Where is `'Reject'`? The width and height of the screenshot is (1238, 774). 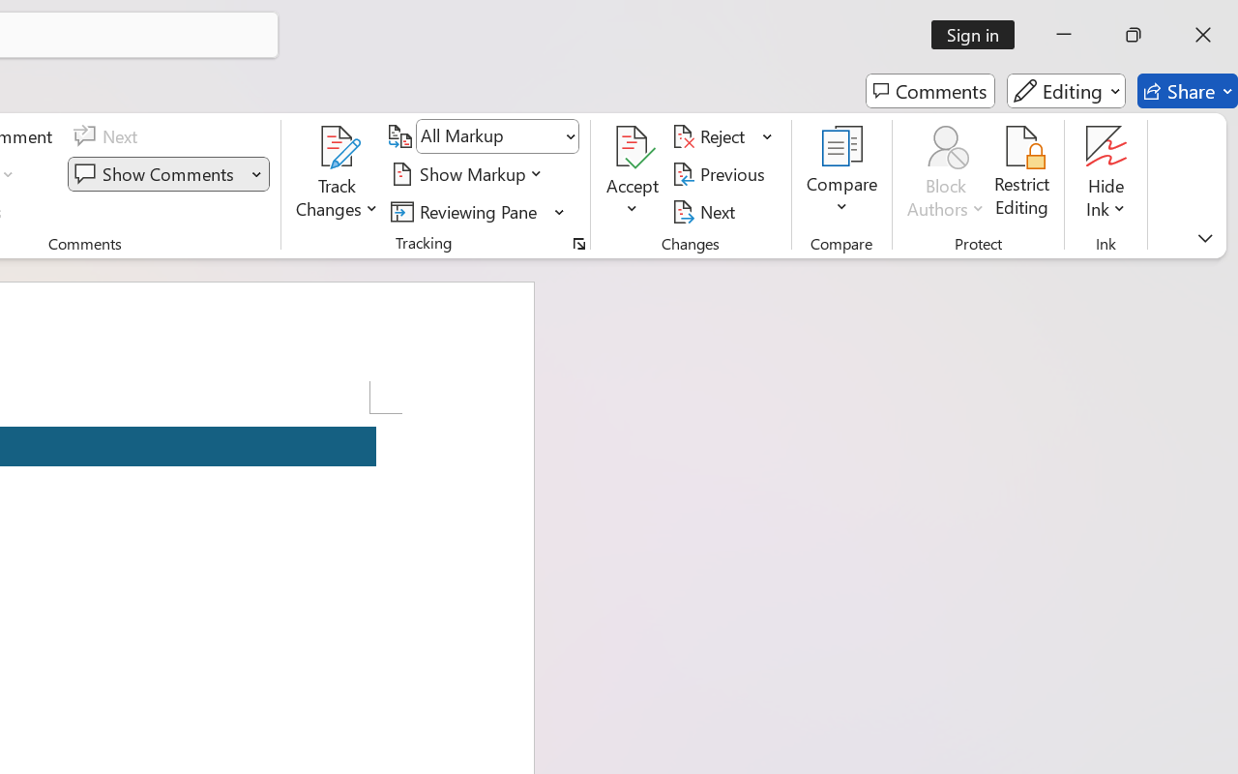 'Reject' is located at coordinates (722, 136).